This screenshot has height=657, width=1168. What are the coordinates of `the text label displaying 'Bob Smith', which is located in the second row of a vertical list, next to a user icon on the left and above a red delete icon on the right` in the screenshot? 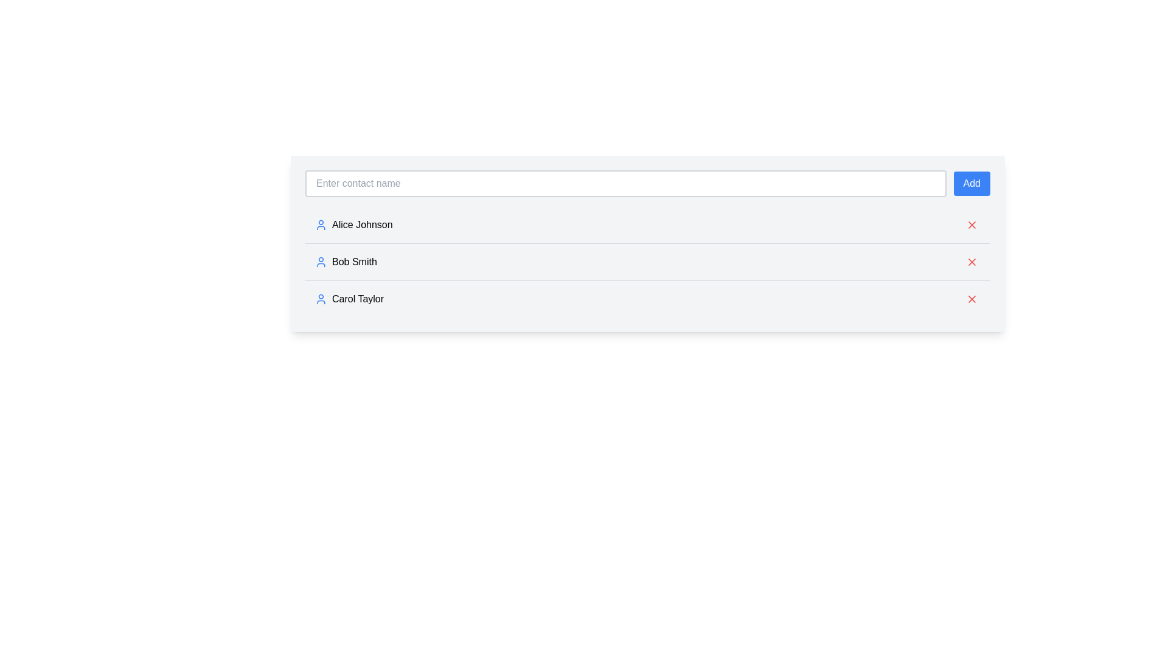 It's located at (353, 262).